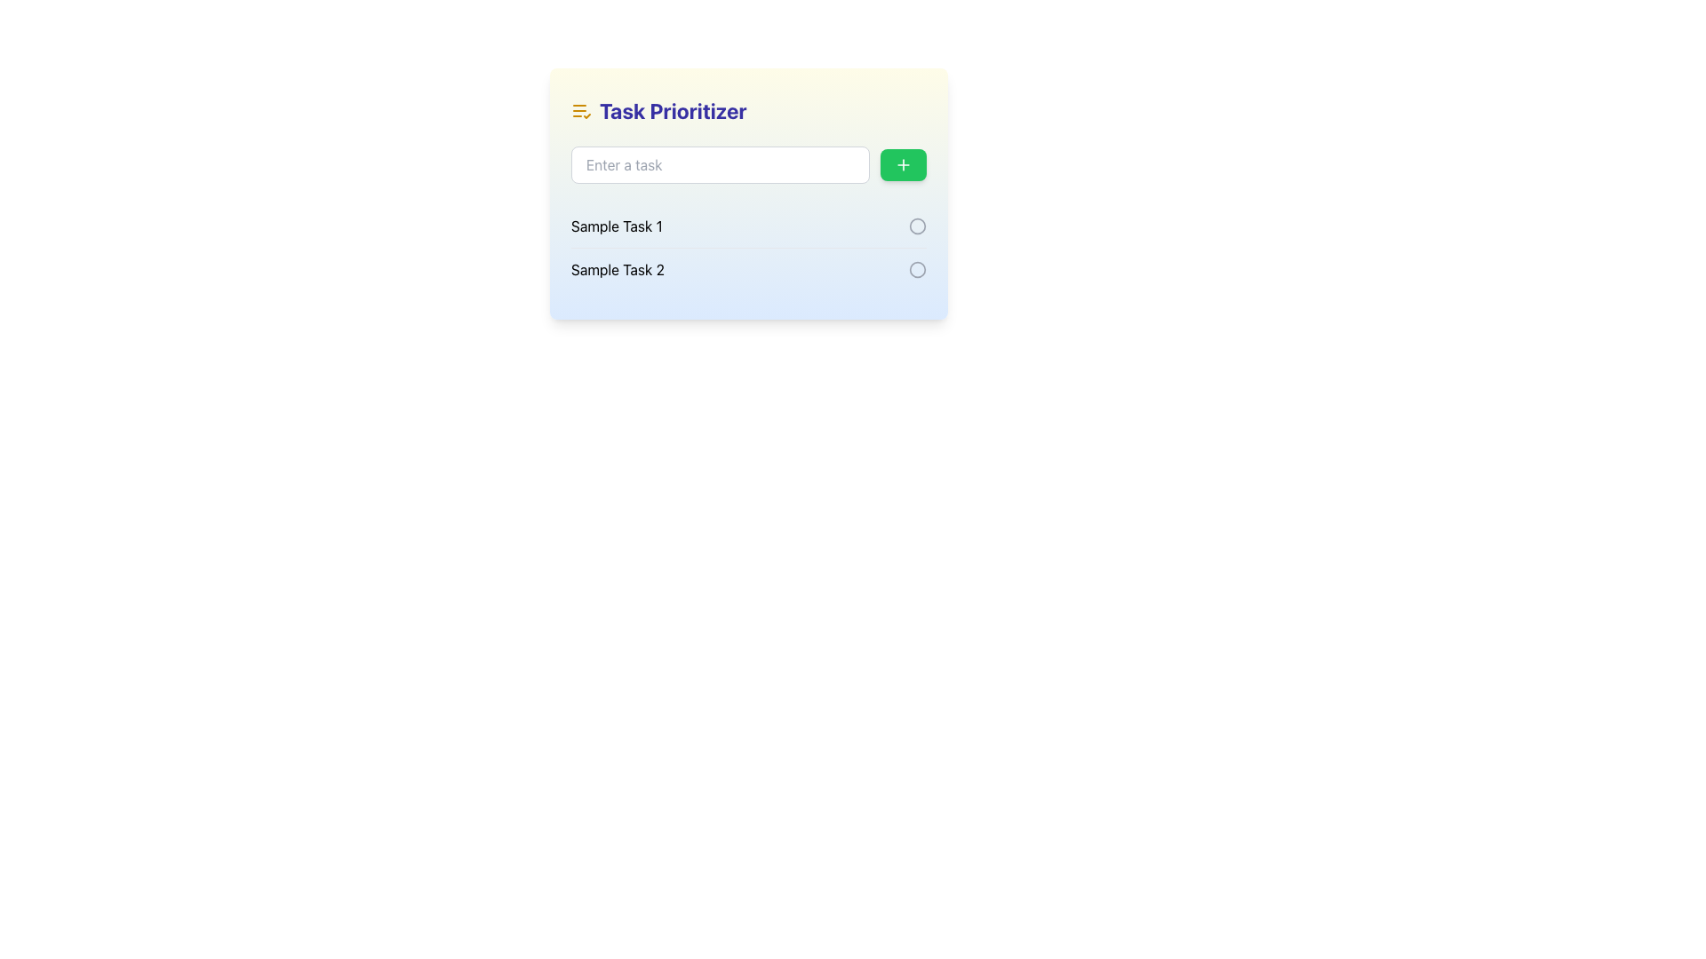  What do you see at coordinates (581, 110) in the screenshot?
I see `the task management icon located to the left of the 'Task Prioritizer' text in the header section` at bounding box center [581, 110].